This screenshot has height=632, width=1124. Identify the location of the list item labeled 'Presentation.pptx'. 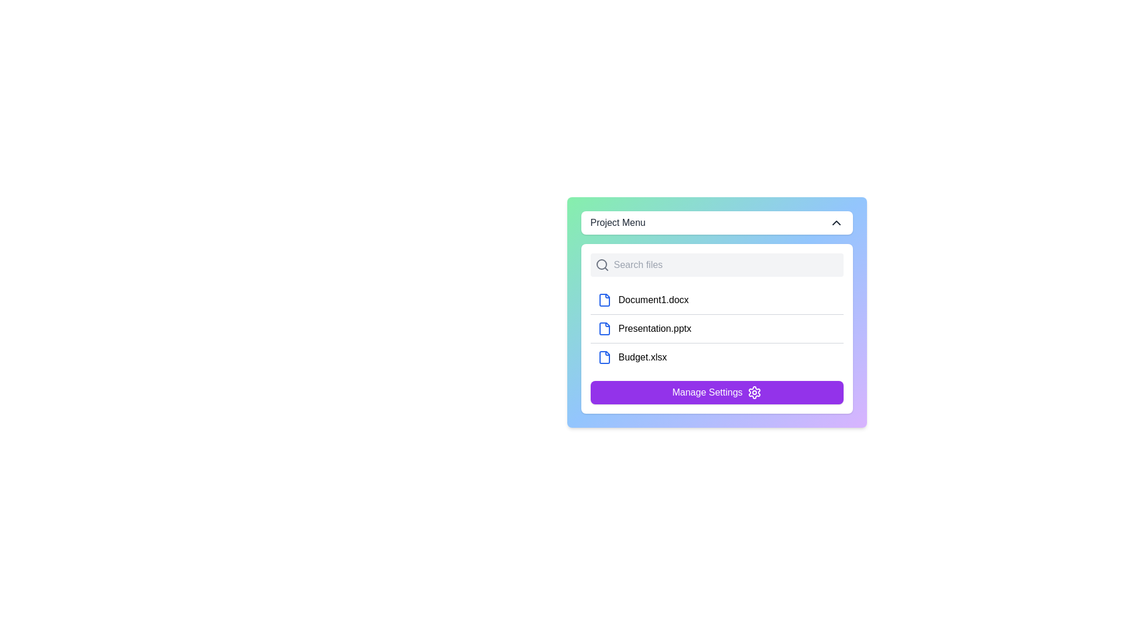
(716, 329).